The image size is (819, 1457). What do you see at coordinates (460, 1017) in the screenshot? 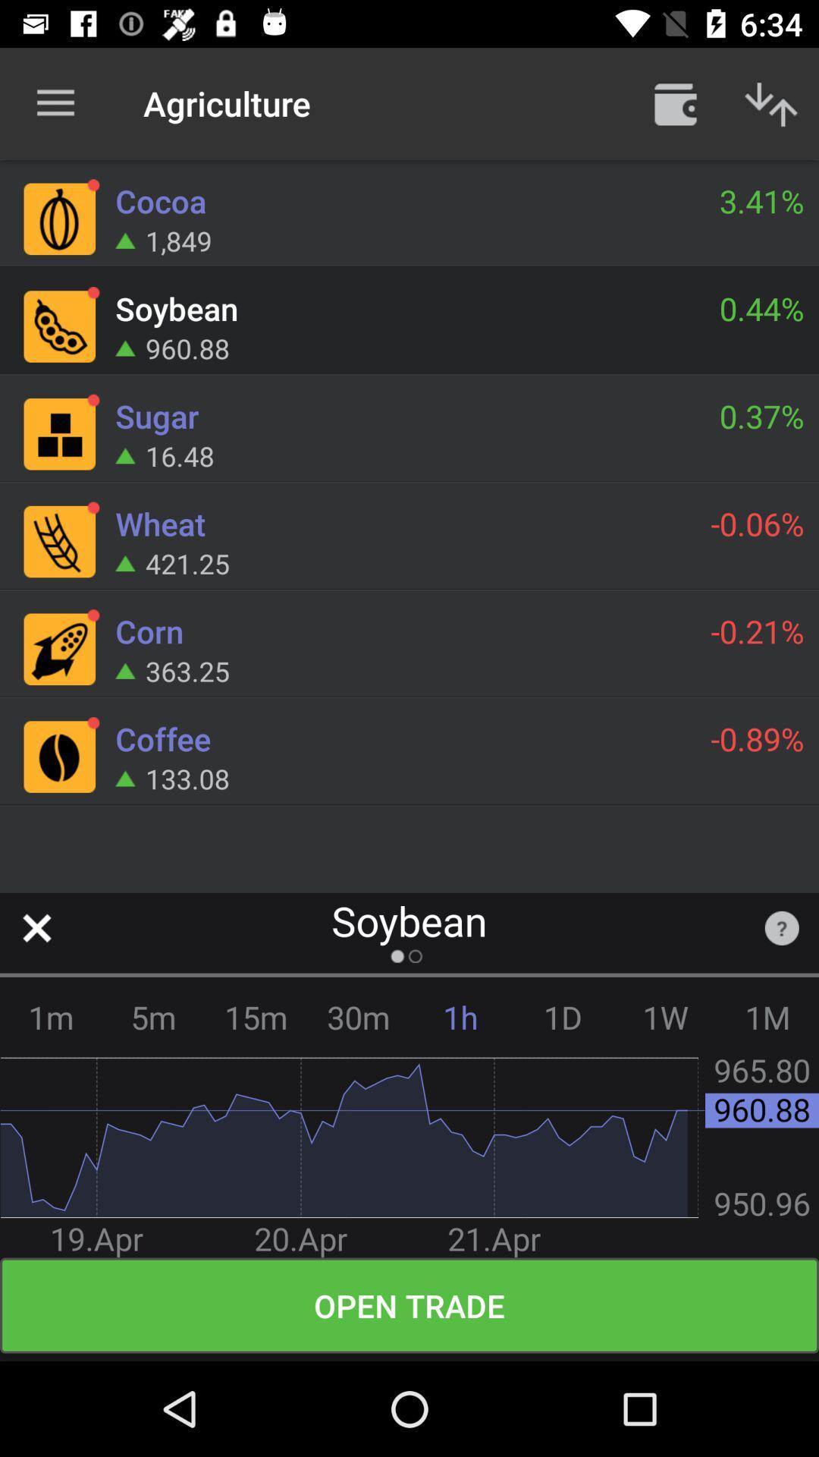
I see `item next to the 1d icon` at bounding box center [460, 1017].